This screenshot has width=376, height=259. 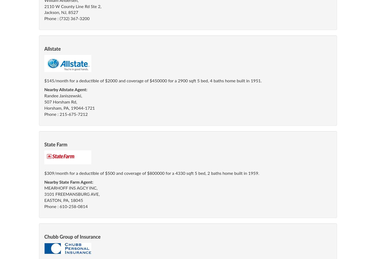 I want to click on 'Nearby State Farm Agent:', so click(x=69, y=182).